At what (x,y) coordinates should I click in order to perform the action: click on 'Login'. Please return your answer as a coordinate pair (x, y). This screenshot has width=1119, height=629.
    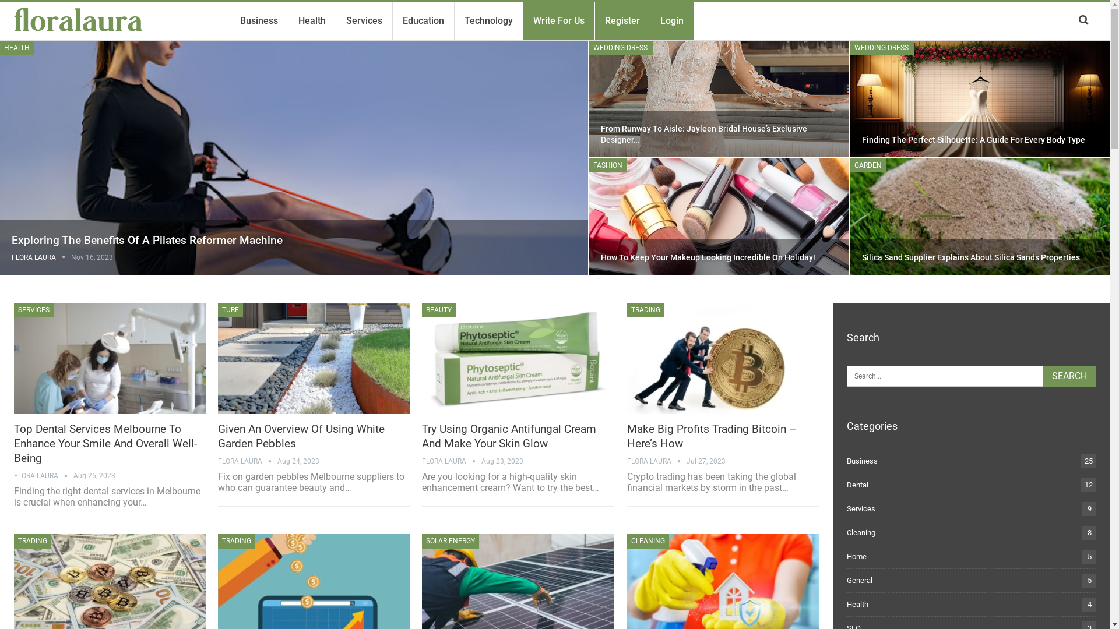
    Looking at the image, I should click on (656, 20).